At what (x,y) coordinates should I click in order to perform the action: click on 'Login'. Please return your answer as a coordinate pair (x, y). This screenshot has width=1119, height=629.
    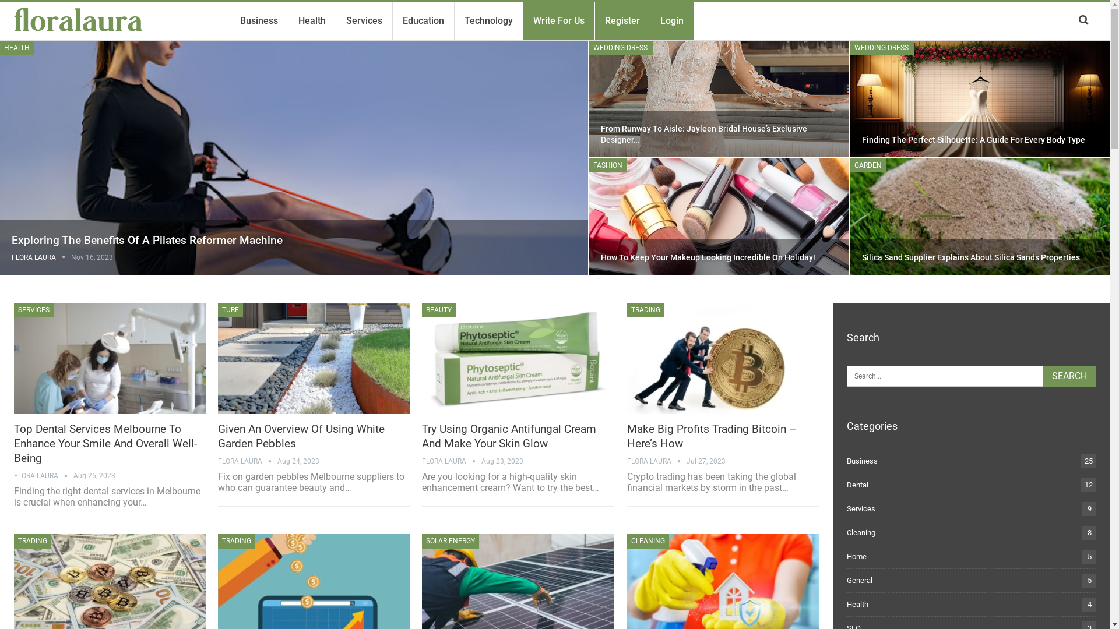
    Looking at the image, I should click on (656, 20).